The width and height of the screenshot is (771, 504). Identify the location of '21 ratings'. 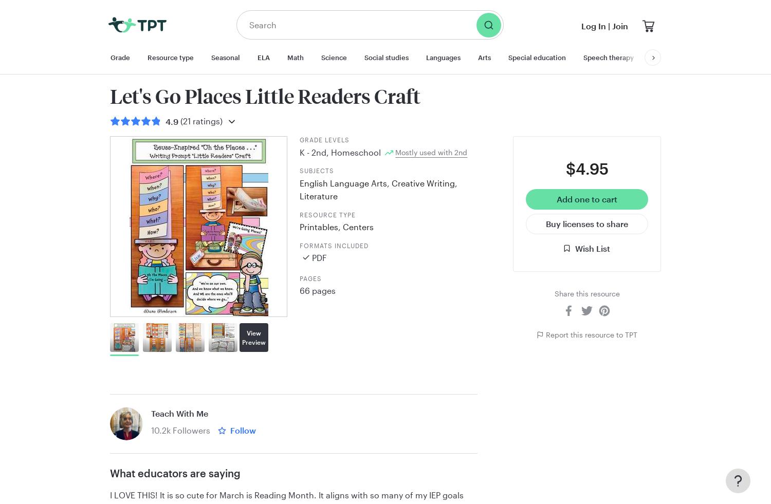
(201, 120).